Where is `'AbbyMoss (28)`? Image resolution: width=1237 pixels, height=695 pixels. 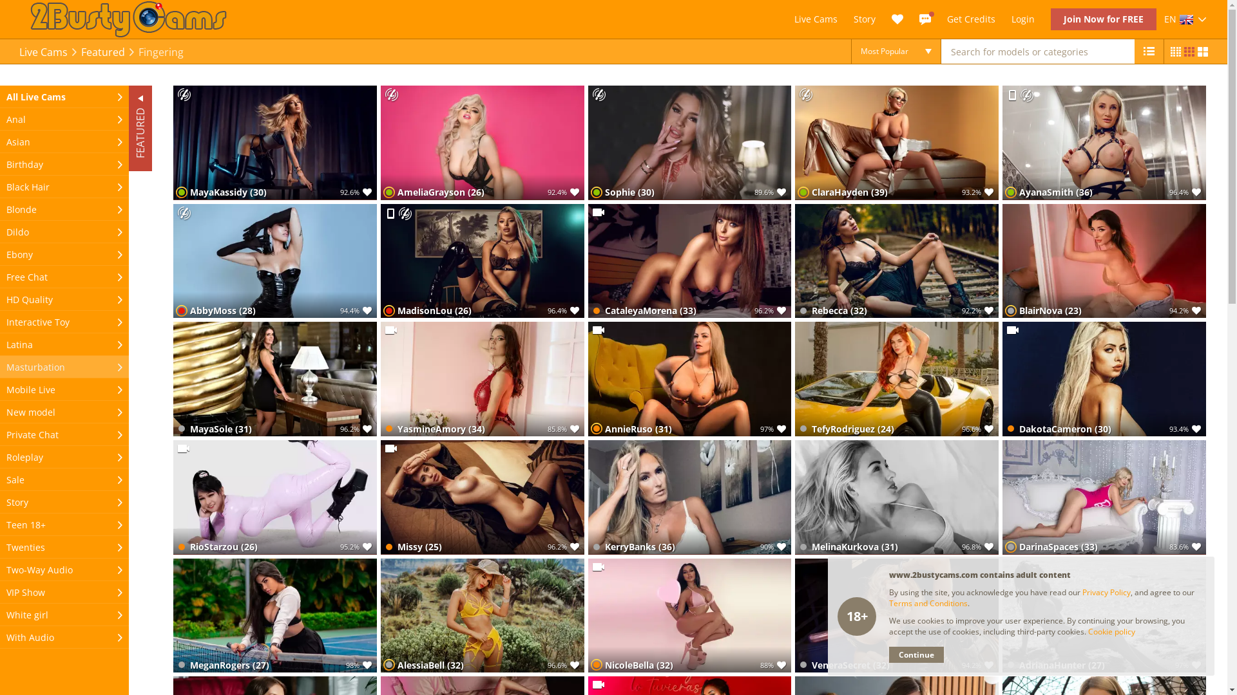
'AbbyMoss (28) is located at coordinates (274, 261).